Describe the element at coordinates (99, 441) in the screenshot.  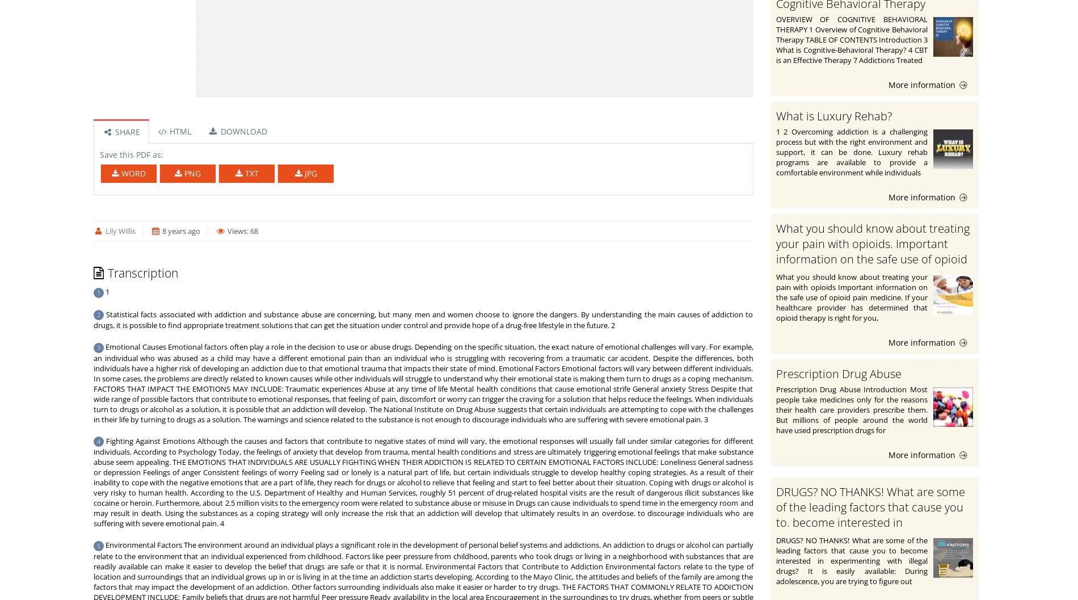
I see `'4'` at that location.